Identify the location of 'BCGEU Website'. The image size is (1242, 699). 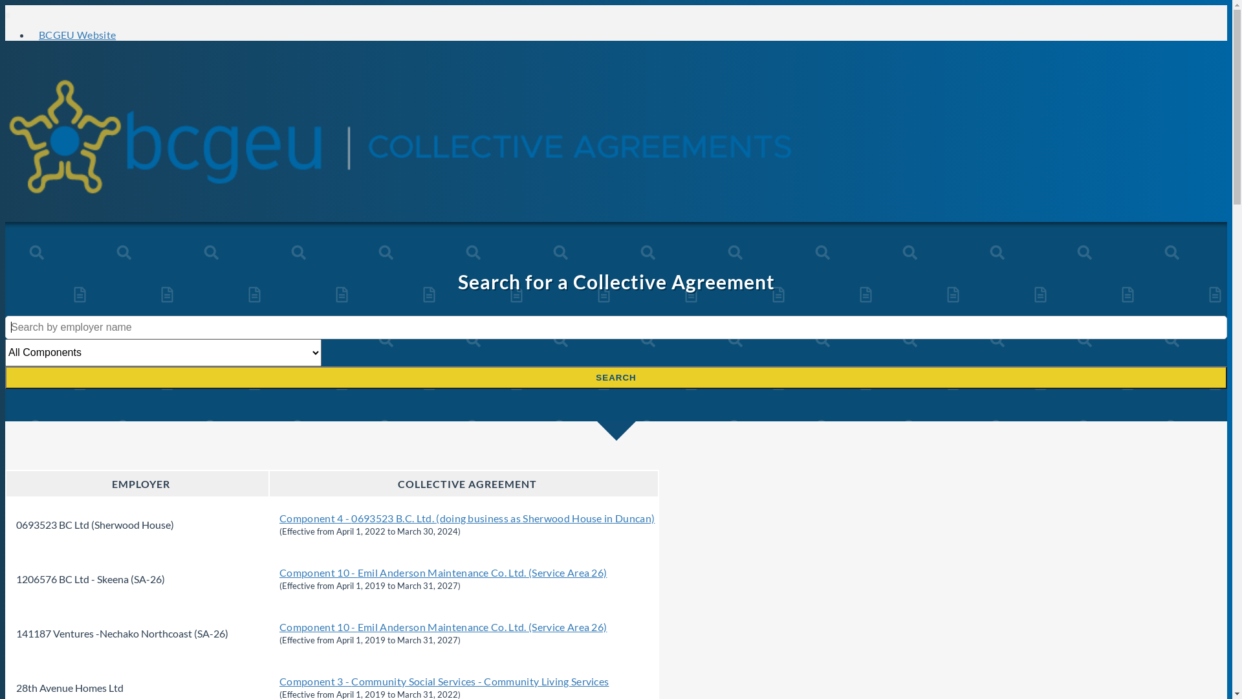
(76, 34).